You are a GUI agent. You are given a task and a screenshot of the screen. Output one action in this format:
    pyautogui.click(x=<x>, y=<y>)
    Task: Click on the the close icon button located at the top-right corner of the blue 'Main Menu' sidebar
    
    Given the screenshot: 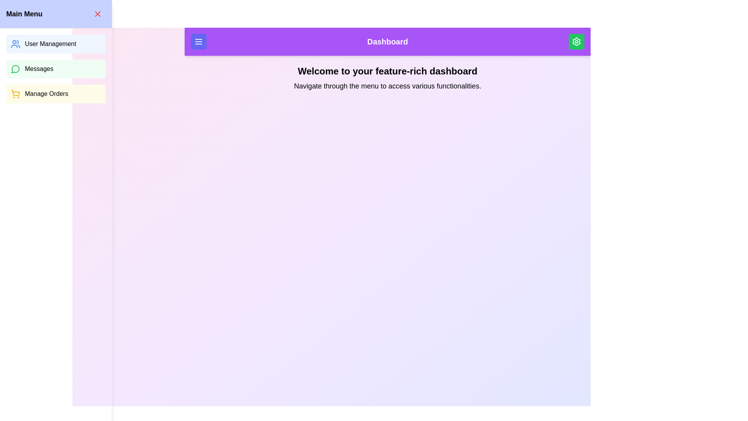 What is the action you would take?
    pyautogui.click(x=97, y=14)
    